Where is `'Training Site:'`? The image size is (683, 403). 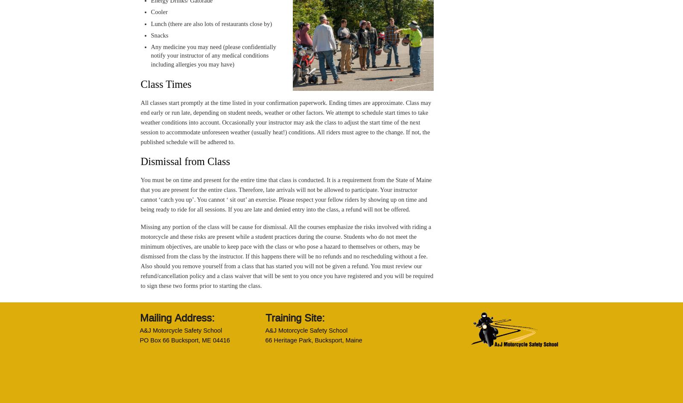 'Training Site:' is located at coordinates (295, 317).